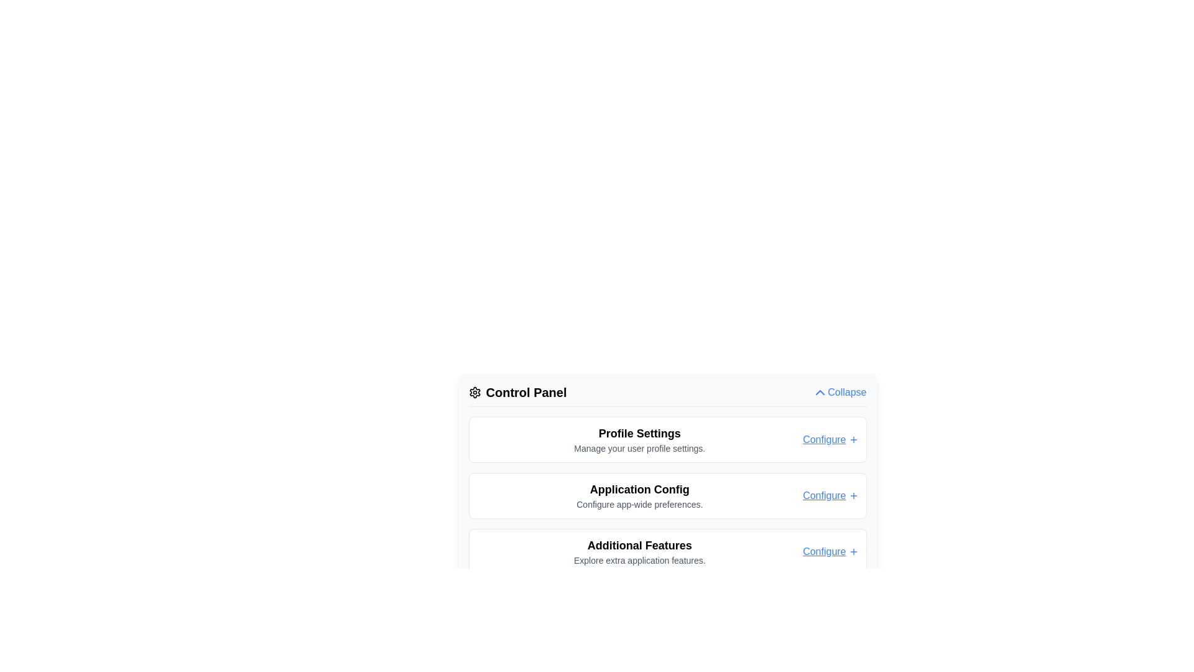  I want to click on the descriptive text label providing contextual information about the 'Profile Settings' section, located below the 'Profile Settings' header, so click(639, 449).